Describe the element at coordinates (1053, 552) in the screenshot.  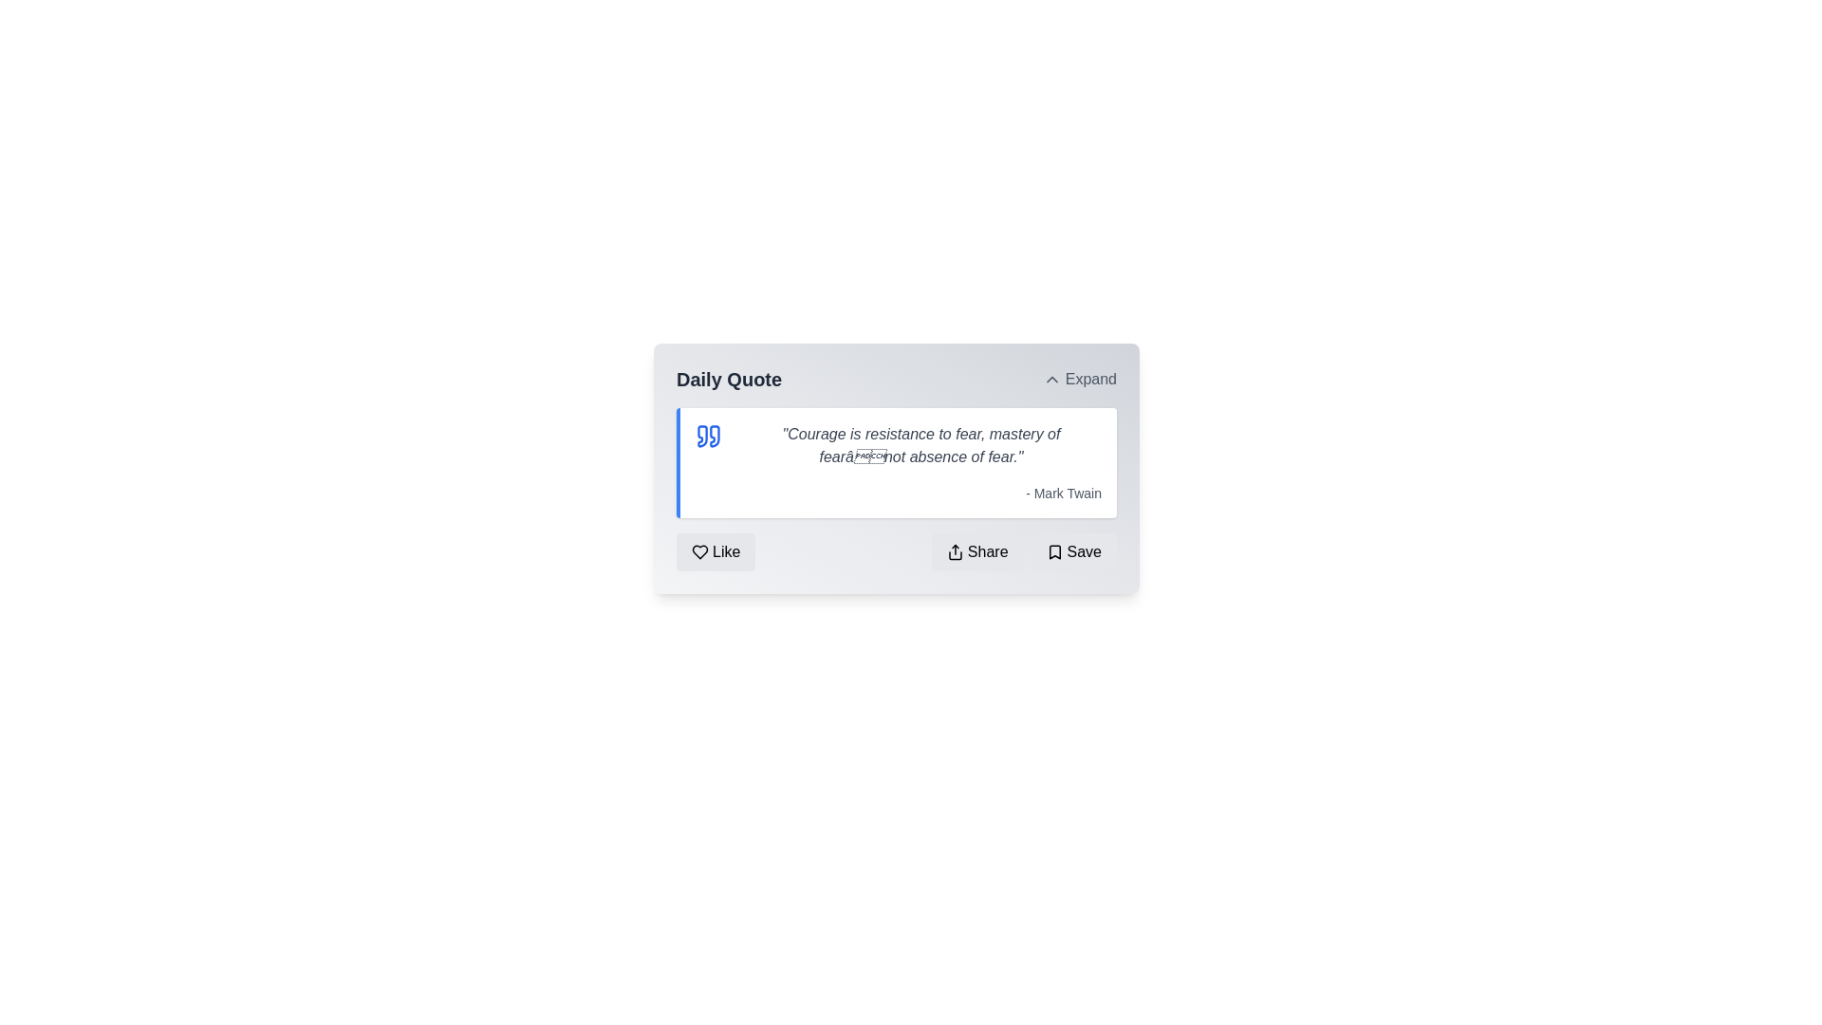
I see `the bookmark icon, which is part of the 'Save' button located at the bottom-right corner of the card interface` at that location.